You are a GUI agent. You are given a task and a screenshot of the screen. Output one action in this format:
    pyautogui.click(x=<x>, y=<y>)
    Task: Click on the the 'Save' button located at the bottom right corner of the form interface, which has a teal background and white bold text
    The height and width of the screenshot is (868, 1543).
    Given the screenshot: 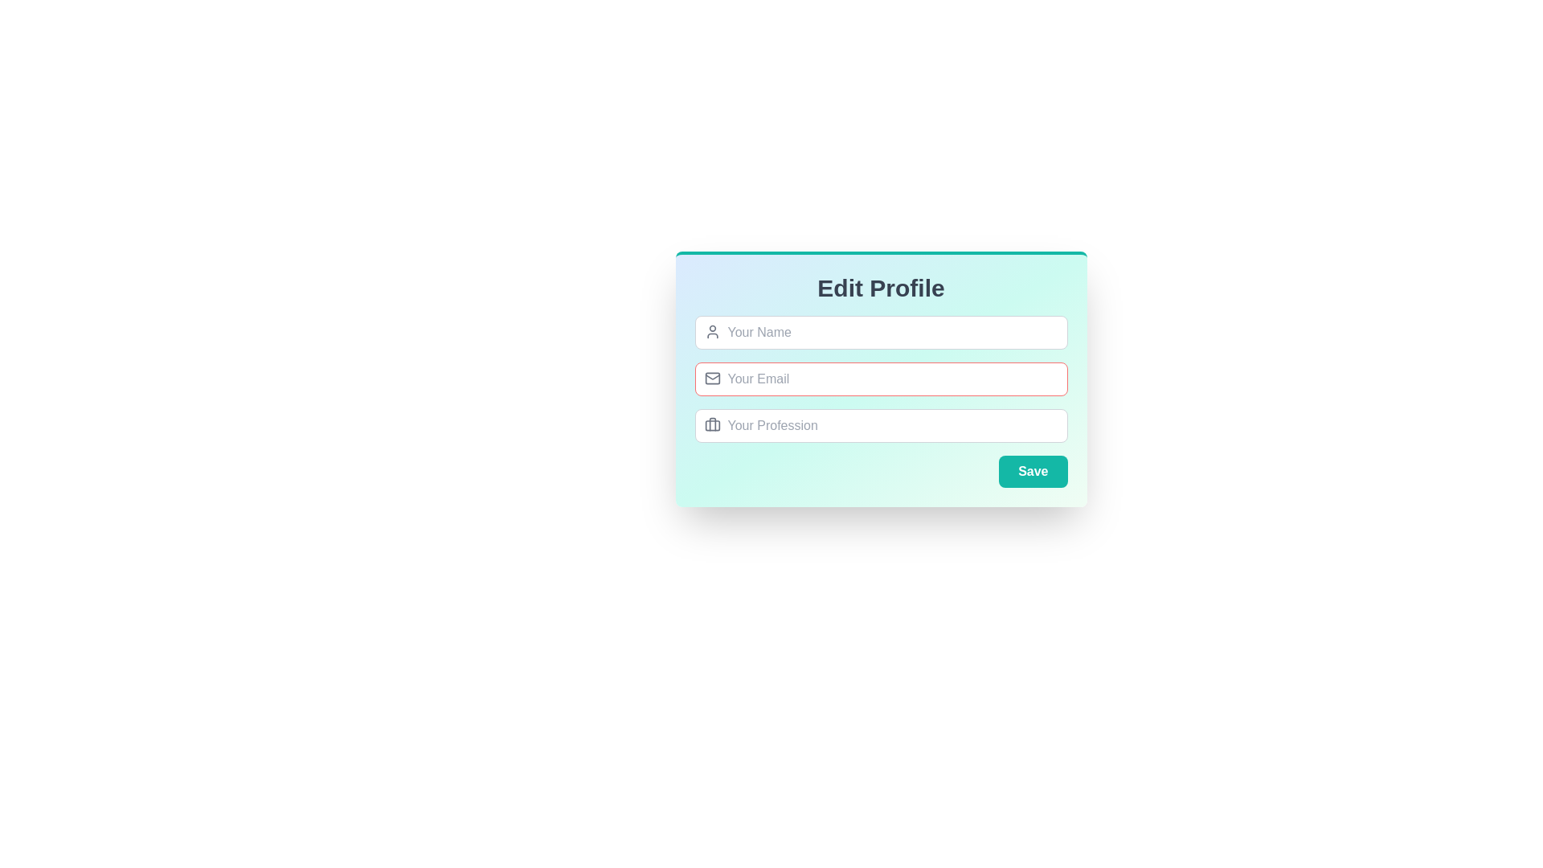 What is the action you would take?
    pyautogui.click(x=1033, y=470)
    